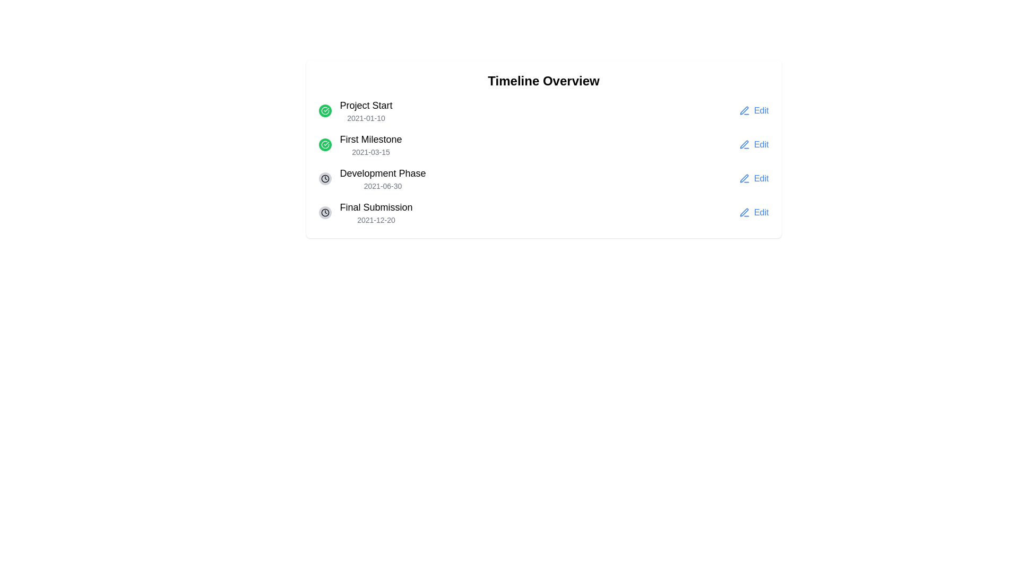  What do you see at coordinates (376, 213) in the screenshot?
I see `text from the 'Final Submission' and '2021-12-20' text and label combination located in the fourth position under the 'Timeline Overview' header` at bounding box center [376, 213].